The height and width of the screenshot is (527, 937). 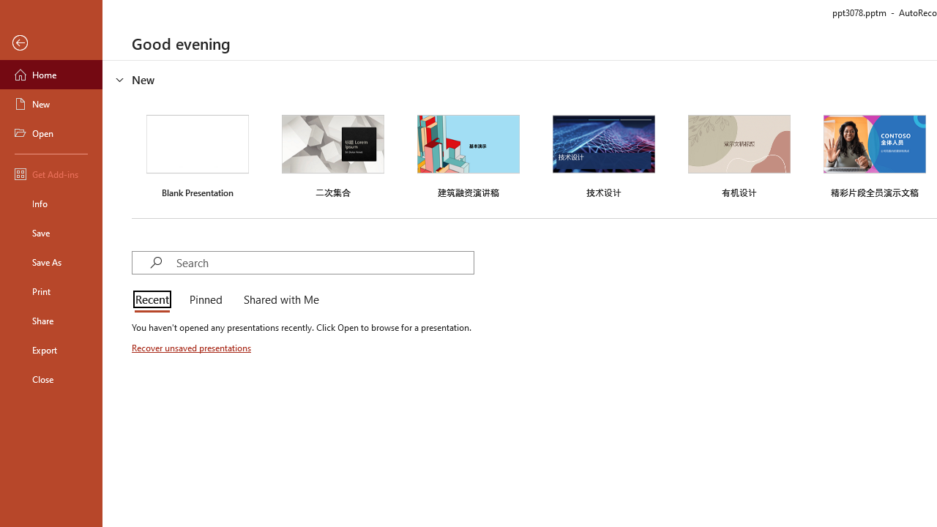 I want to click on 'Save As', so click(x=51, y=261).